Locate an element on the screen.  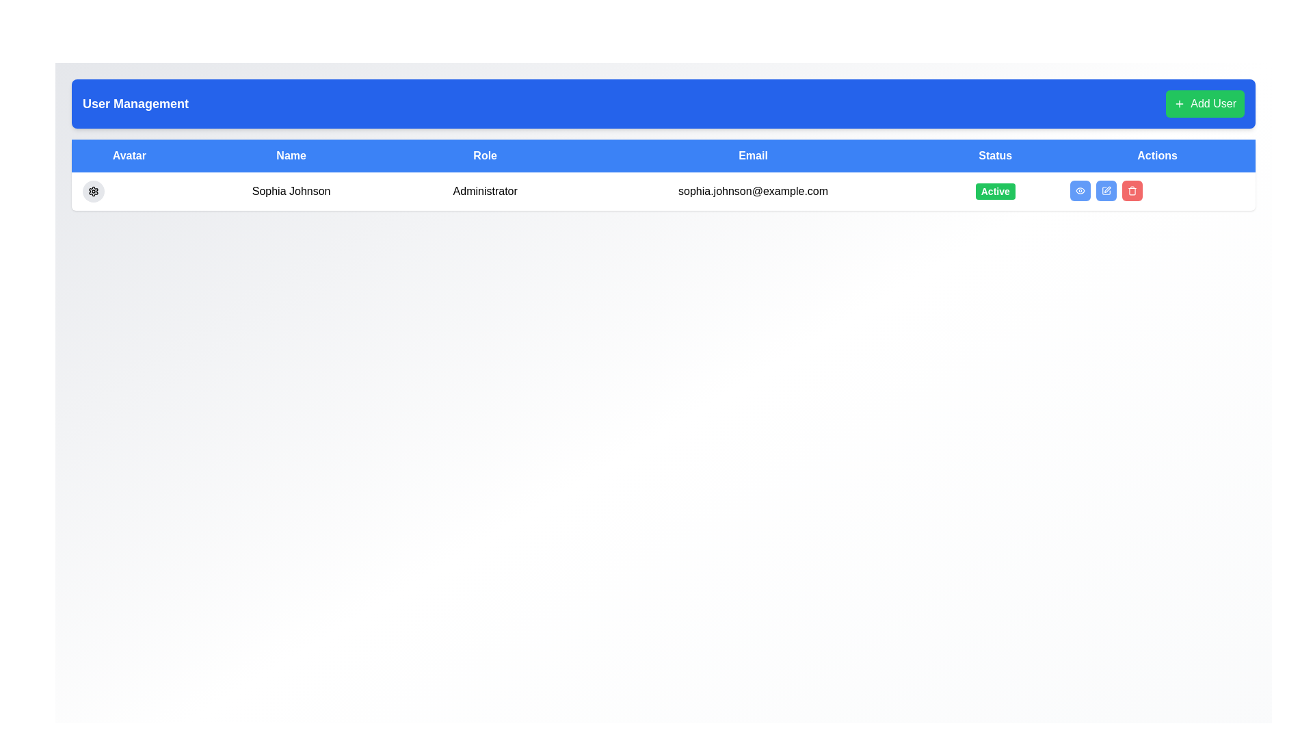
the first visual icon in the 'Actions' column of the user information table is located at coordinates (1079, 190).